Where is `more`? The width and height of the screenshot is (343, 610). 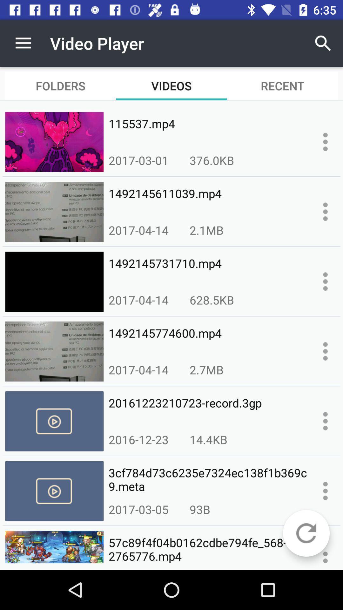
more is located at coordinates (325, 351).